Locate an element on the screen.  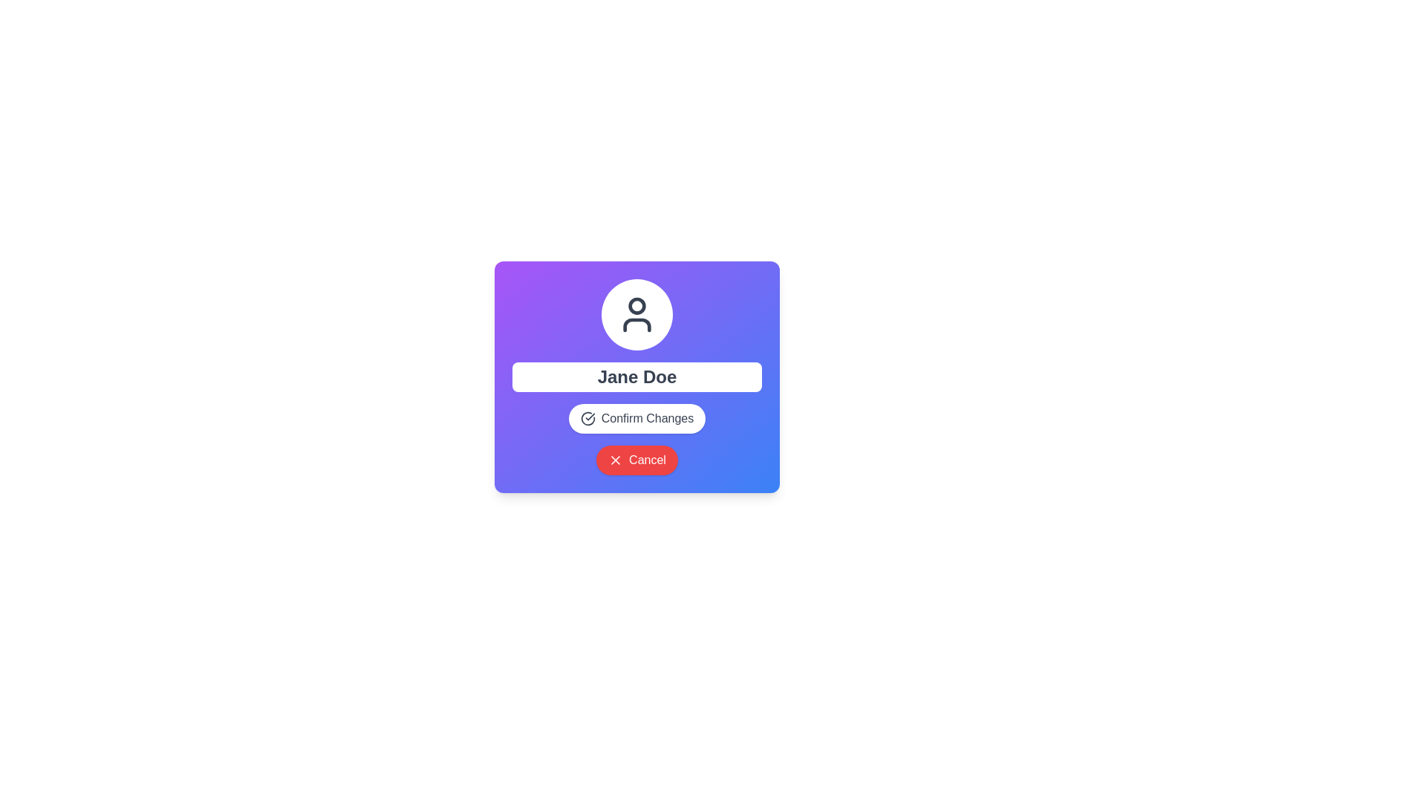
the upper circular graphical representation of the user profile icon, which represents the head in the depiction of 'Jane Doe' is located at coordinates (637, 305).